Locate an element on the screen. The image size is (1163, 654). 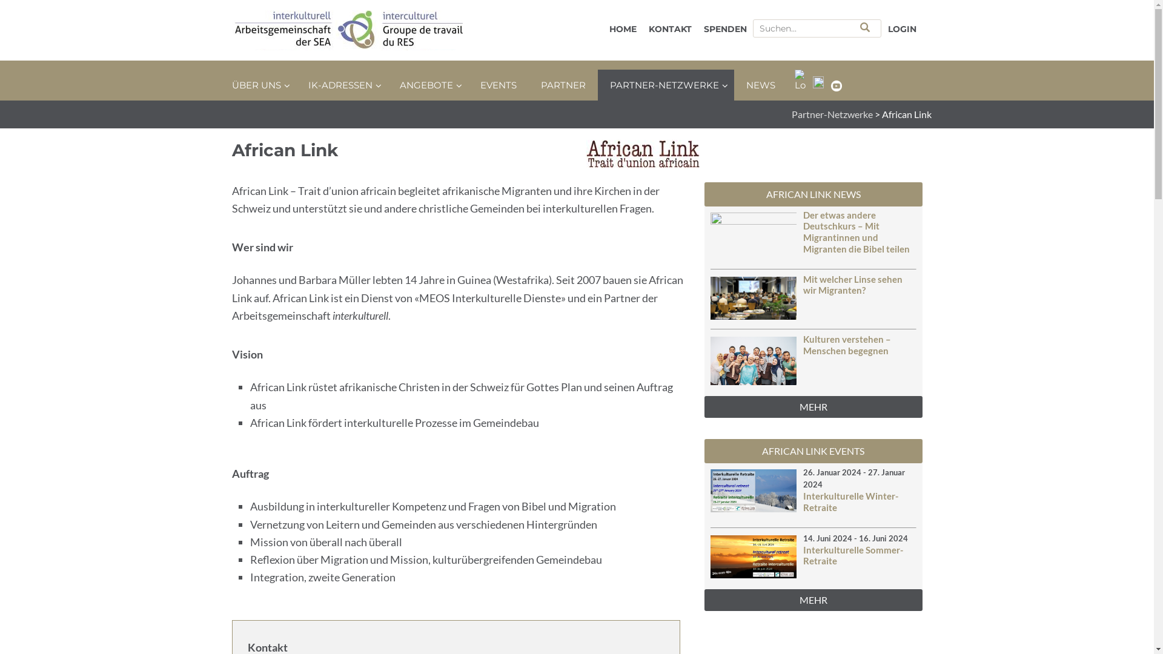
'PARTNER' is located at coordinates (562, 84).